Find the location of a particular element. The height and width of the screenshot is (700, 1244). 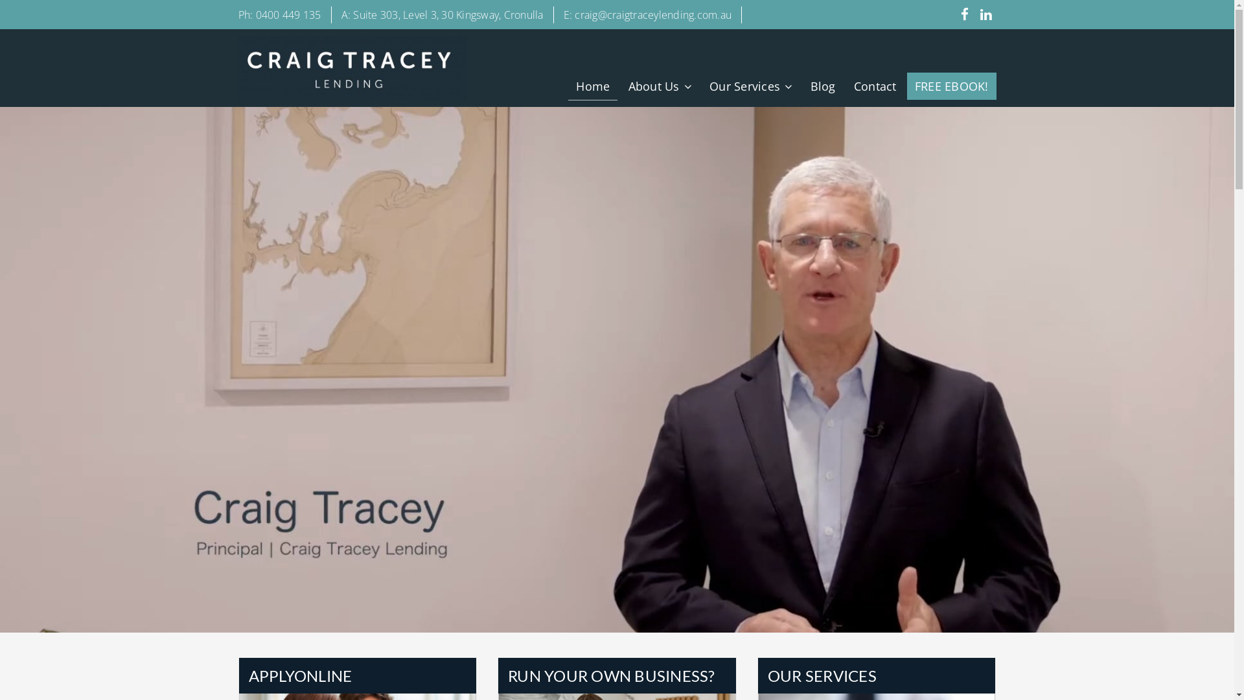

'FREE EBOOK!' is located at coordinates (951, 86).